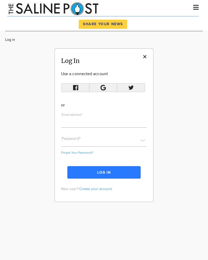  What do you see at coordinates (102, 39) in the screenshot?
I see `'News'` at bounding box center [102, 39].